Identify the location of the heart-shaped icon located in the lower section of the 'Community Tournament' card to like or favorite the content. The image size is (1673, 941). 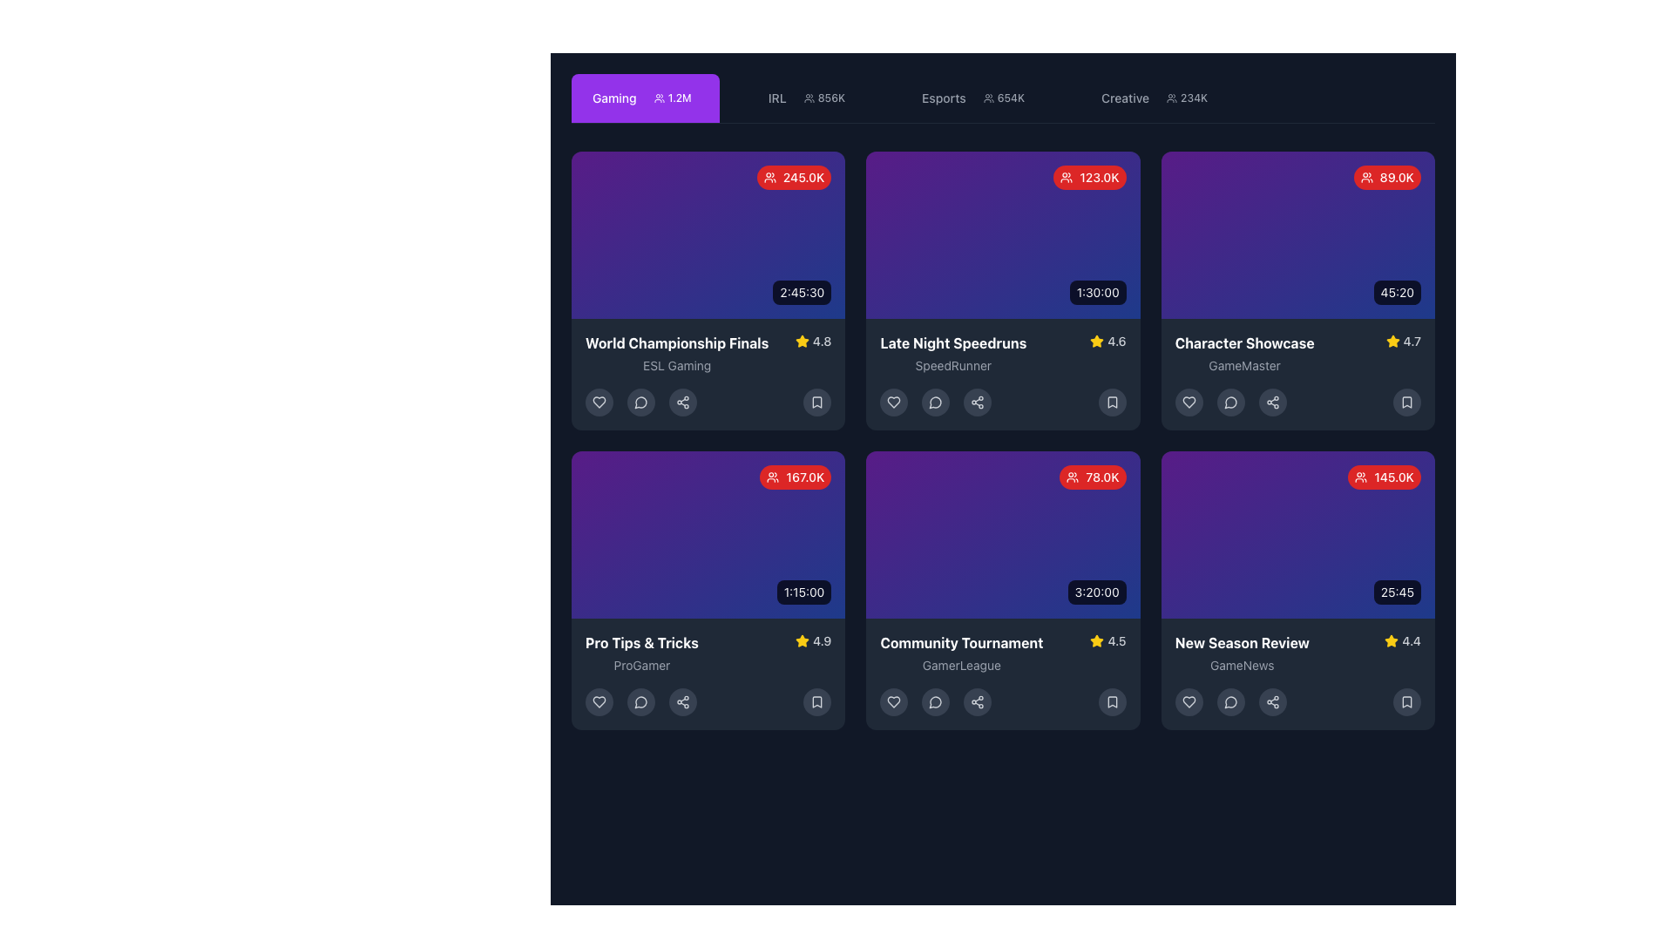
(894, 701).